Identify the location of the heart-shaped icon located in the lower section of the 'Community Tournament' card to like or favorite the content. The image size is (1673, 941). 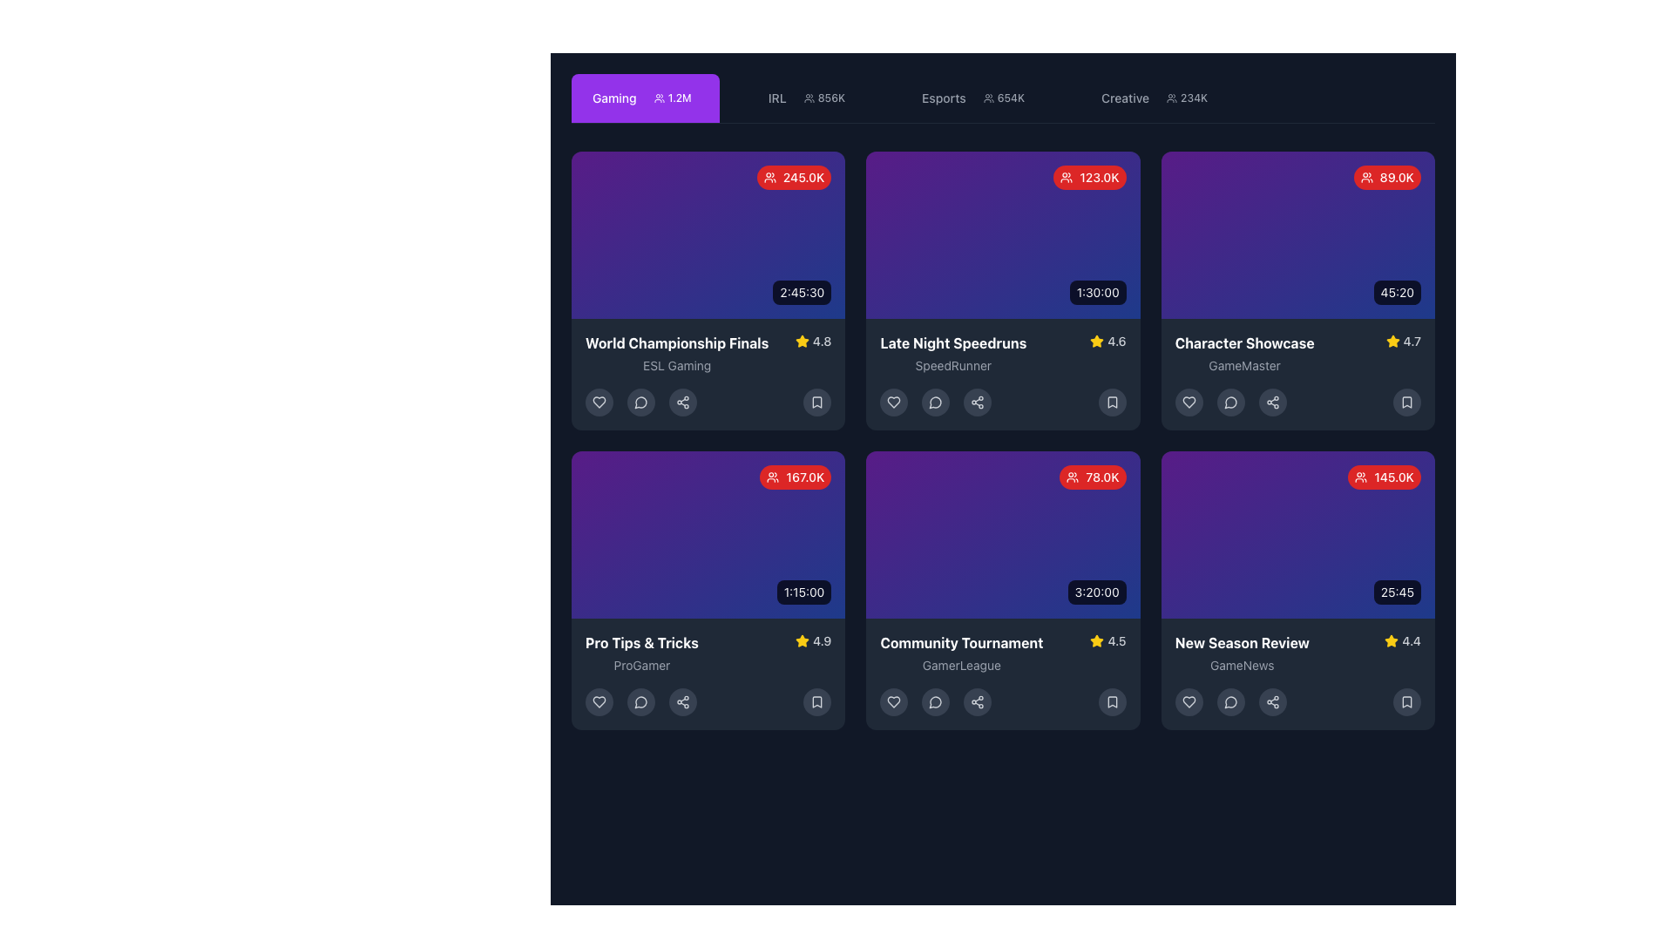
(894, 701).